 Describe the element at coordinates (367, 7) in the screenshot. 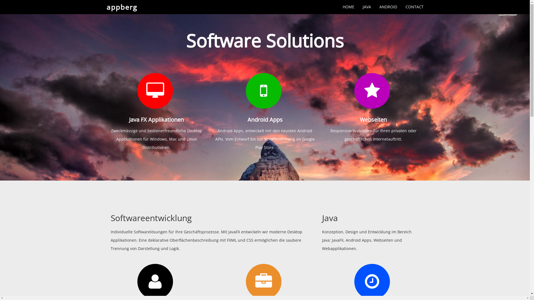

I see `'JAVA'` at that location.